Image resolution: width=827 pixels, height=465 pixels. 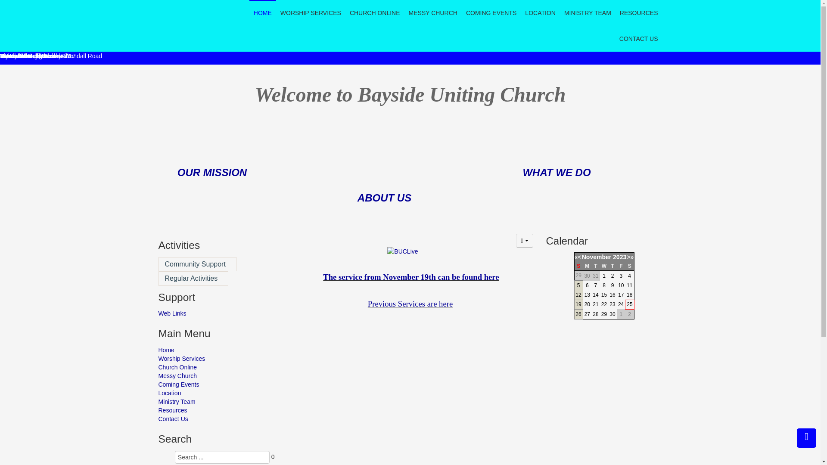 I want to click on 'Regular Activities', so click(x=193, y=279).